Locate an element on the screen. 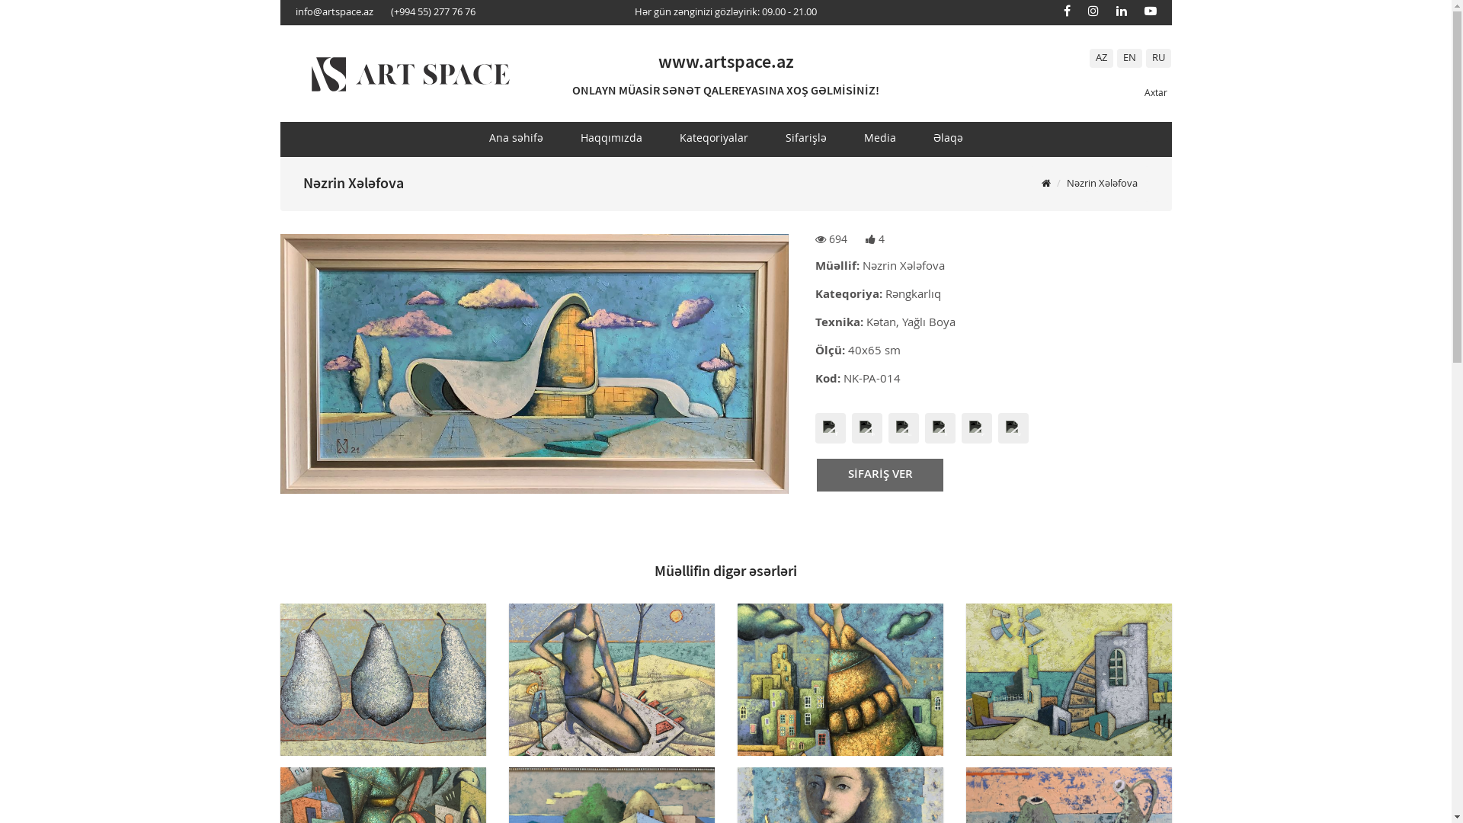 The image size is (1463, 823). 'RU' is located at coordinates (1158, 57).